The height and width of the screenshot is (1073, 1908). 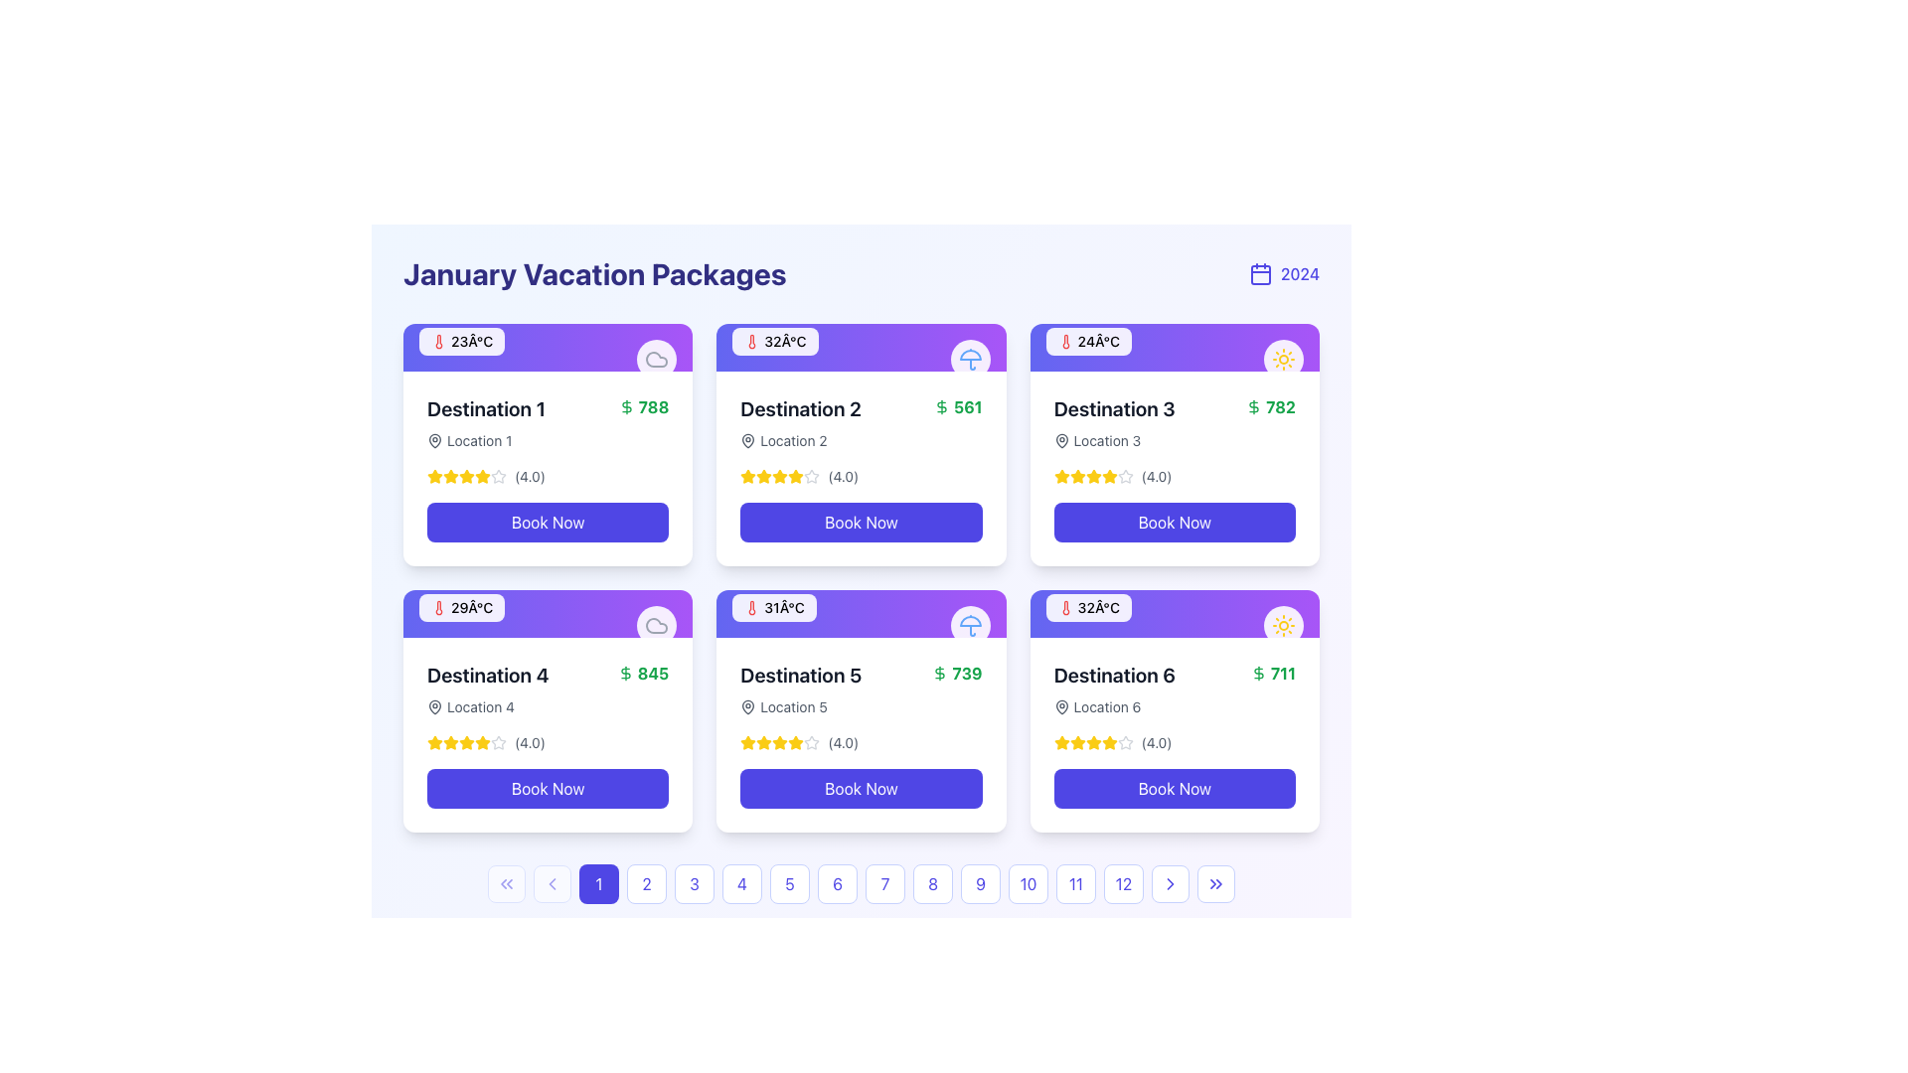 I want to click on text value '(4.0)' displayed in gray color, which indicates the rating score next to the star icons in the first card of the top row of vacation packages, so click(x=530, y=476).